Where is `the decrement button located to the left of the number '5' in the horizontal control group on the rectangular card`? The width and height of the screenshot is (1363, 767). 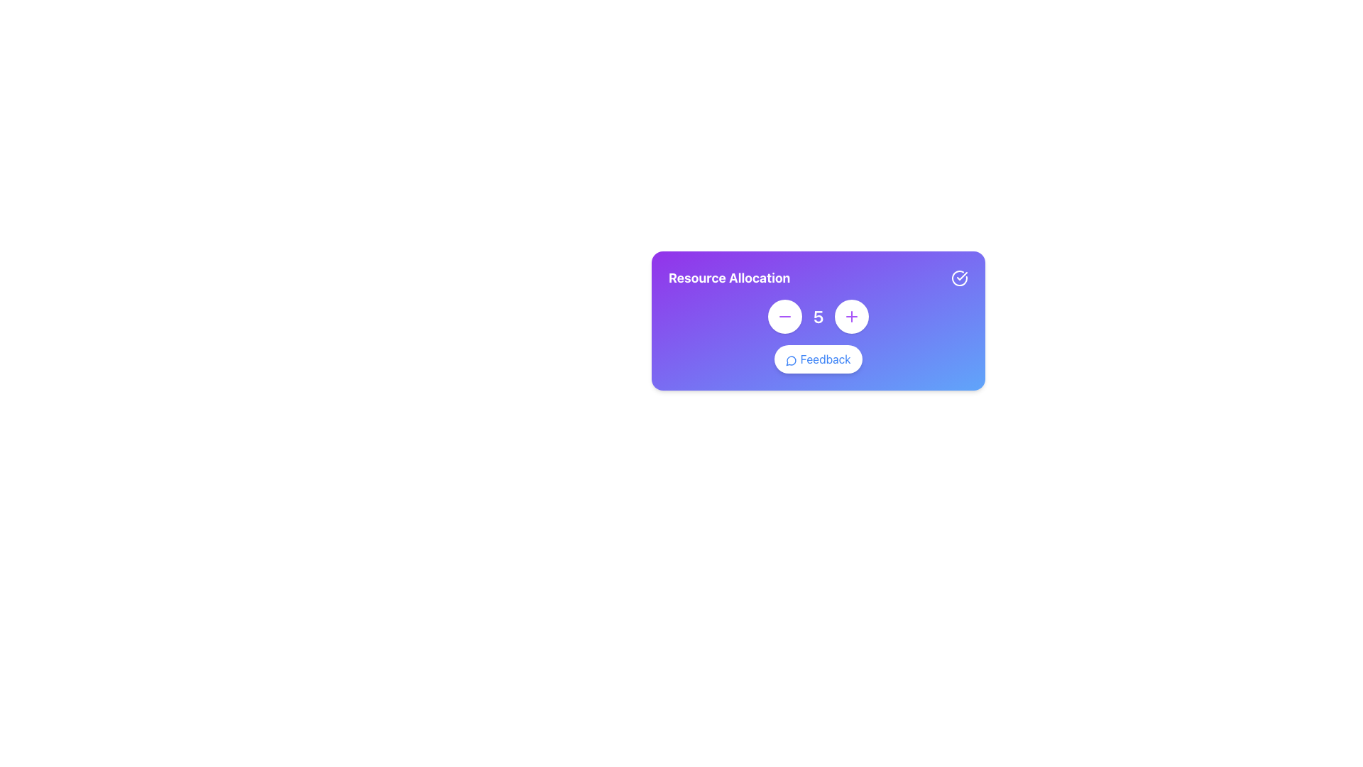 the decrement button located to the left of the number '5' in the horizontal control group on the rectangular card is located at coordinates (784, 316).